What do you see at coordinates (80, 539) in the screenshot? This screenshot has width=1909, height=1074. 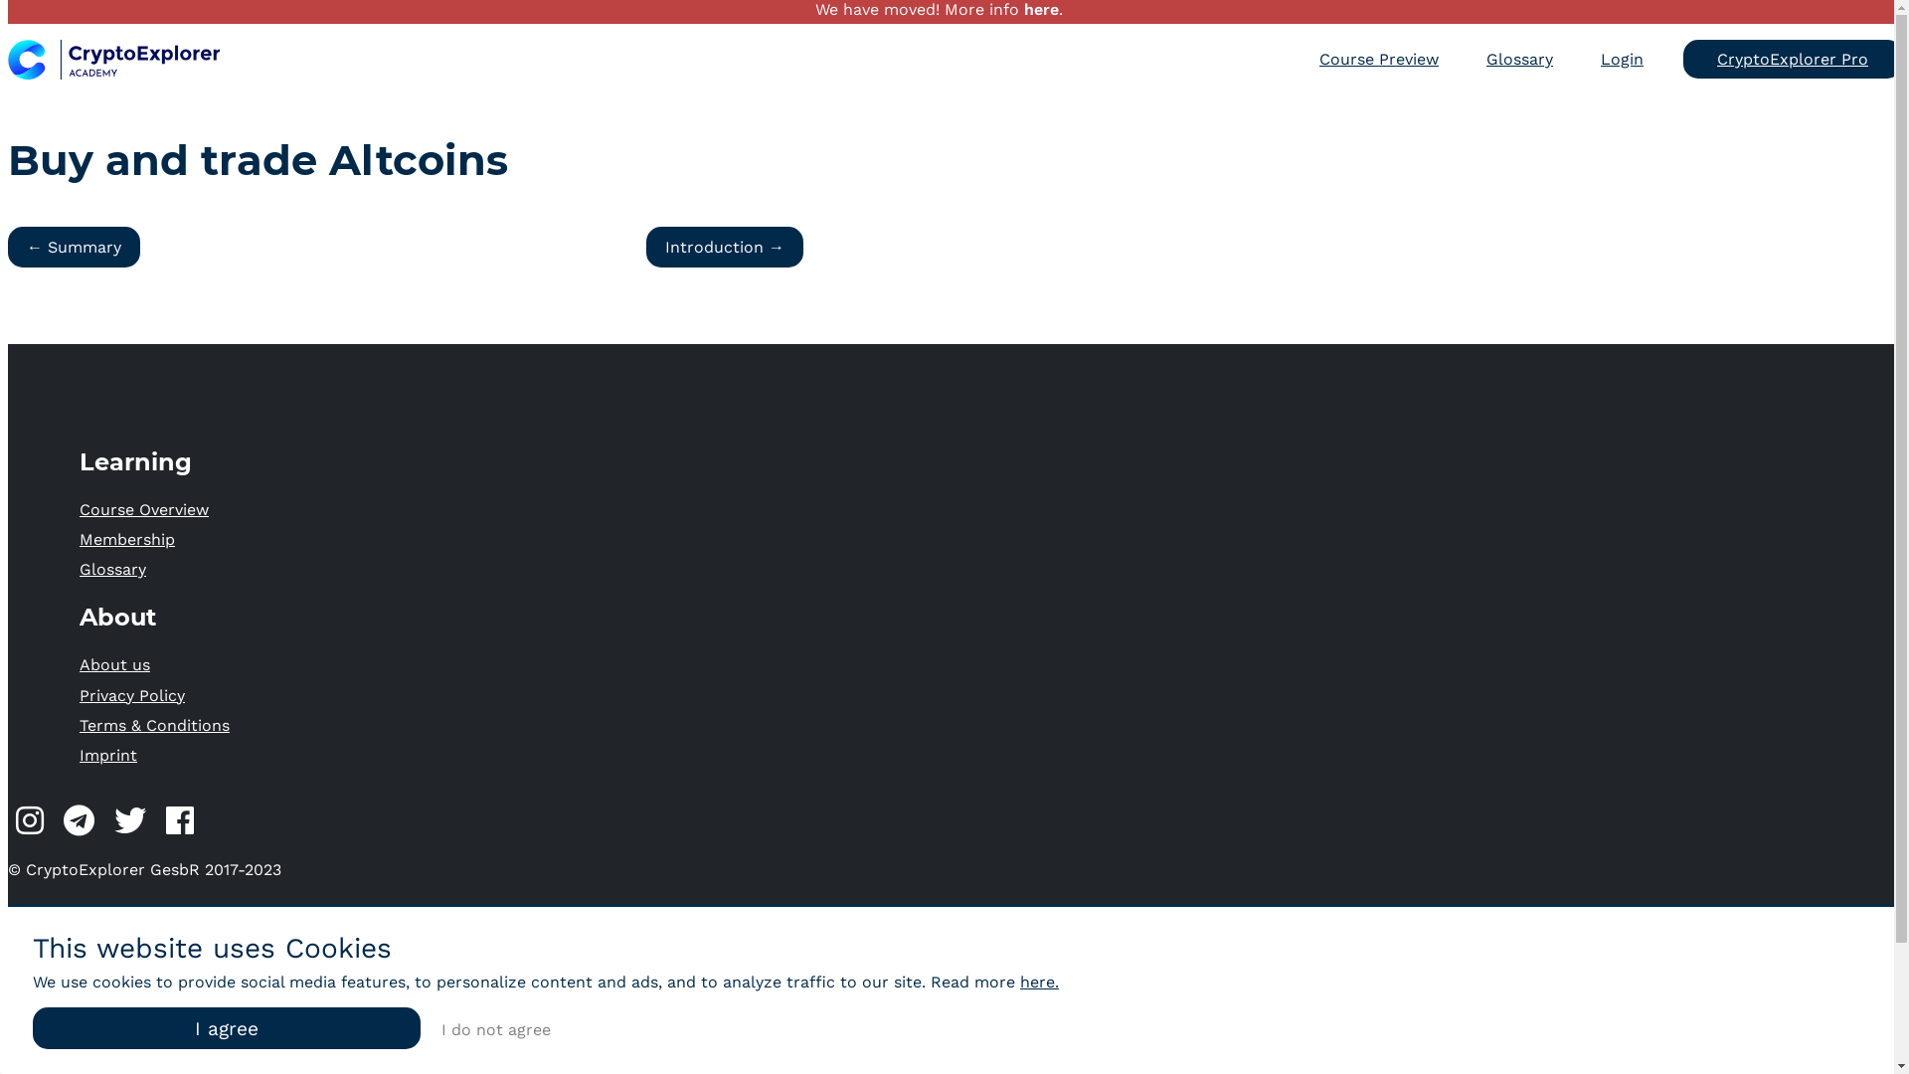 I see `'Membership'` at bounding box center [80, 539].